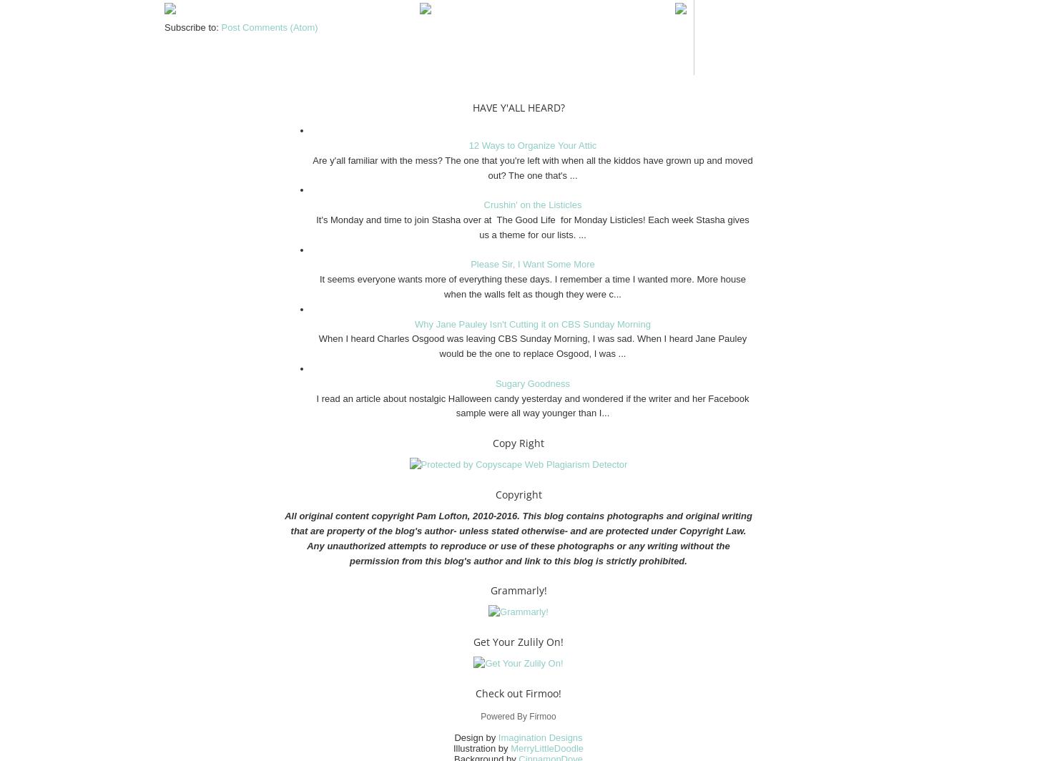 The width and height of the screenshot is (1037, 761). What do you see at coordinates (517, 107) in the screenshot?
I see `'HAVE Y'ALL HEARD?'` at bounding box center [517, 107].